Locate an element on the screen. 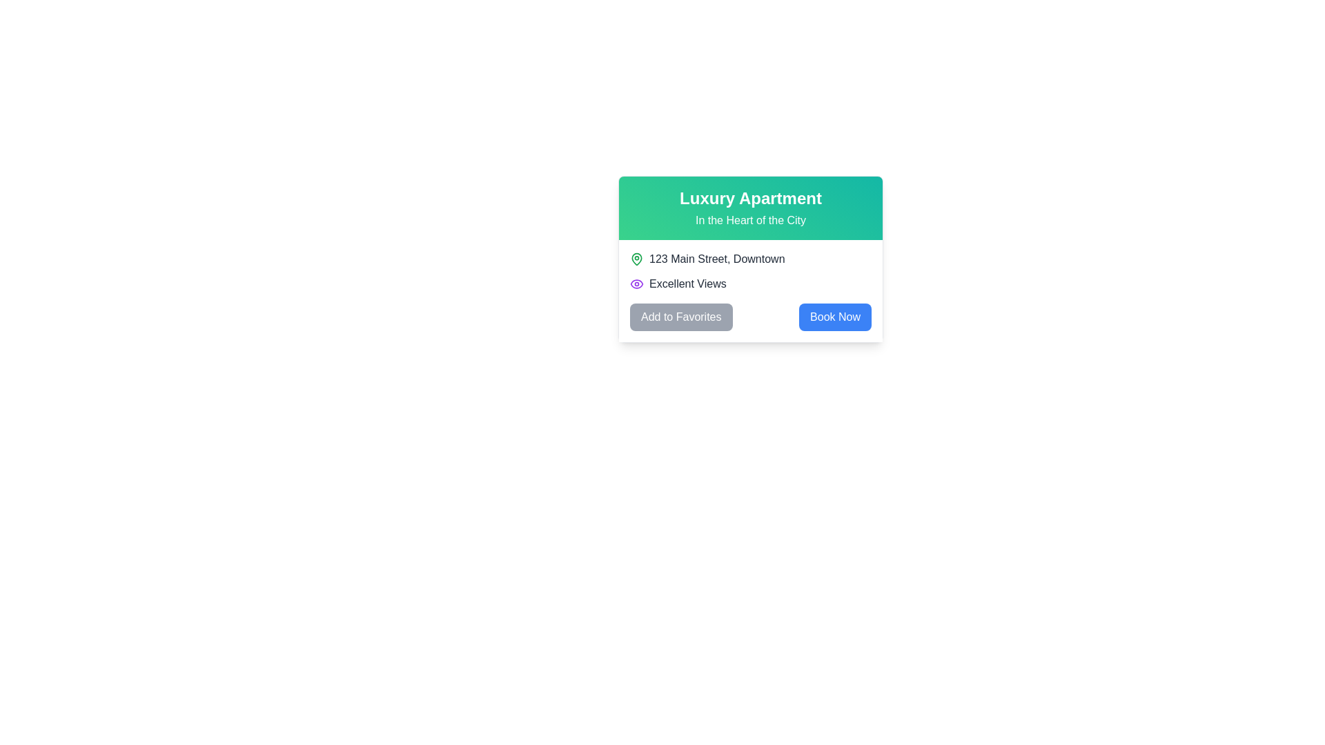 This screenshot has width=1325, height=745. the eye-shaped icon with a purple outline, which is positioned to the left of the text 'Excellent Views' in the second row of the card layout is located at coordinates (636, 284).